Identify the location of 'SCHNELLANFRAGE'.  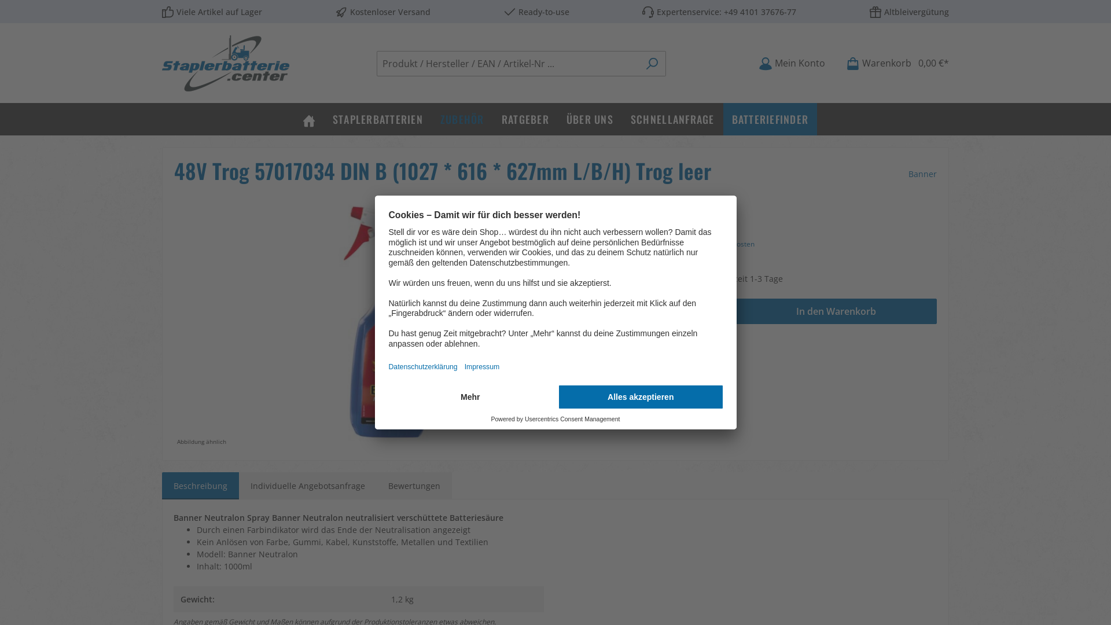
(672, 119).